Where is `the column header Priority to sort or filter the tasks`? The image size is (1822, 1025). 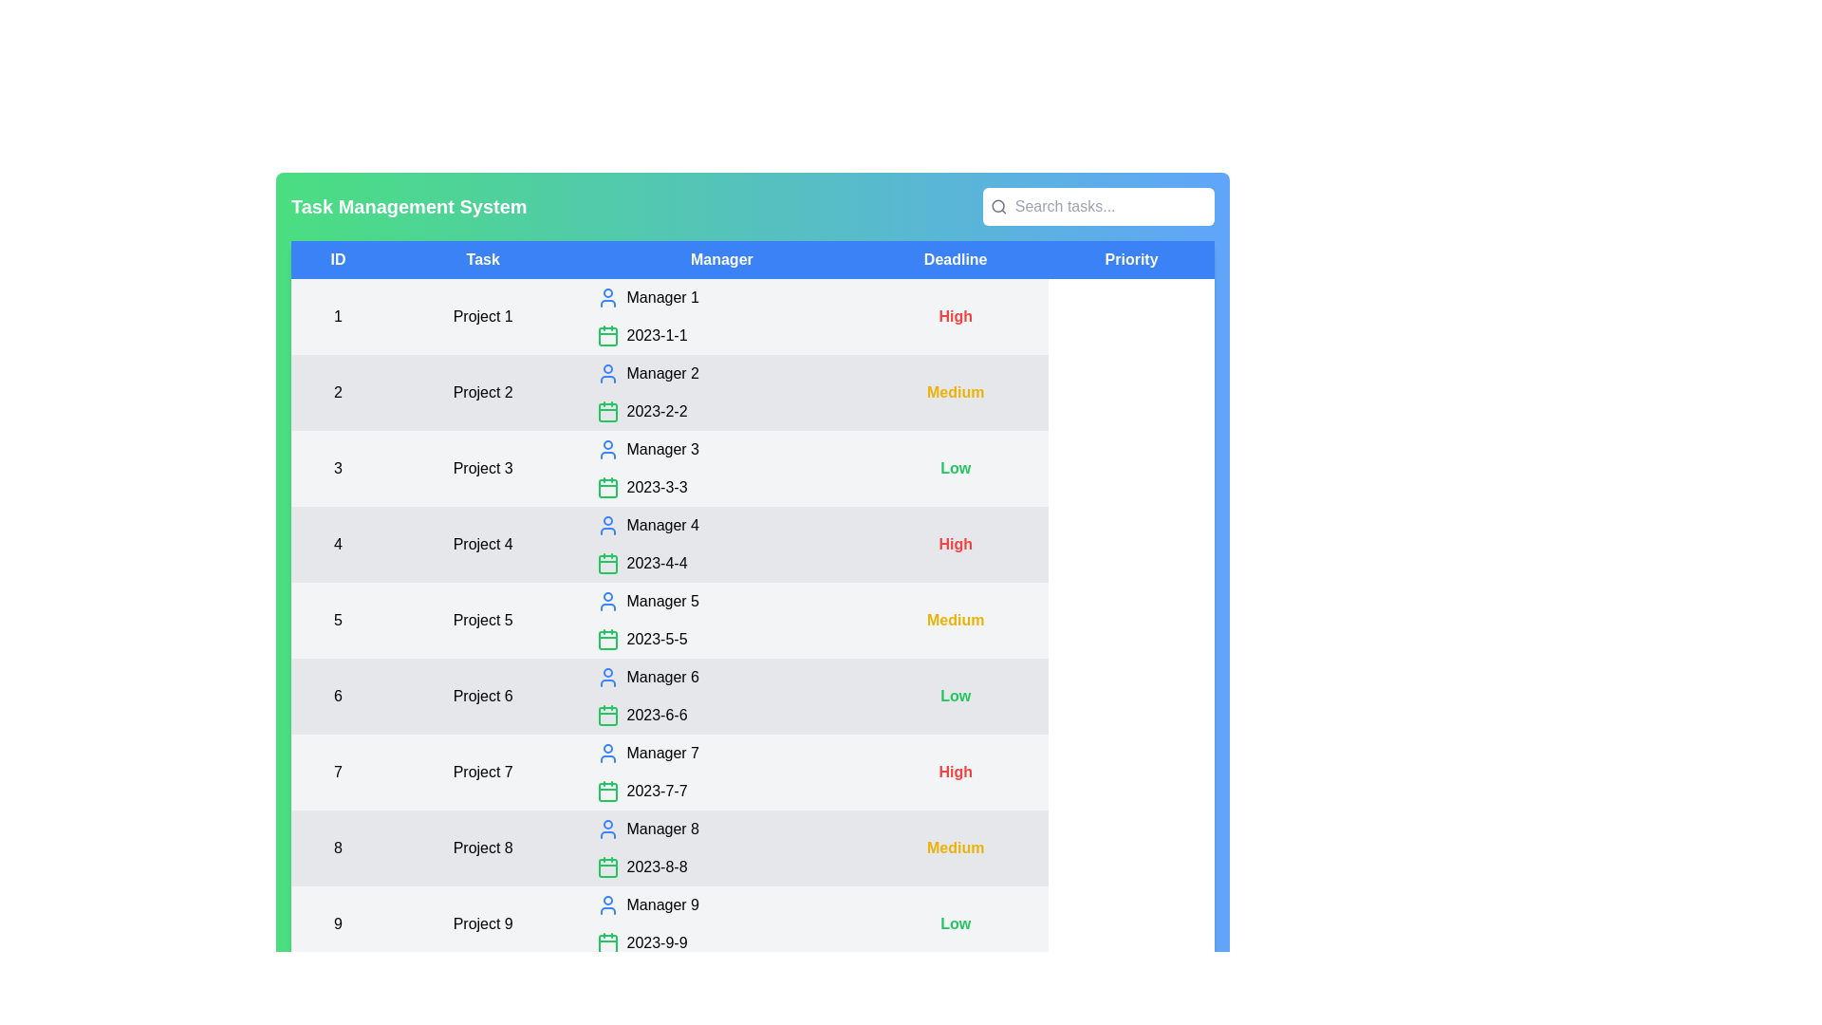 the column header Priority to sort or filter the tasks is located at coordinates (1132, 259).